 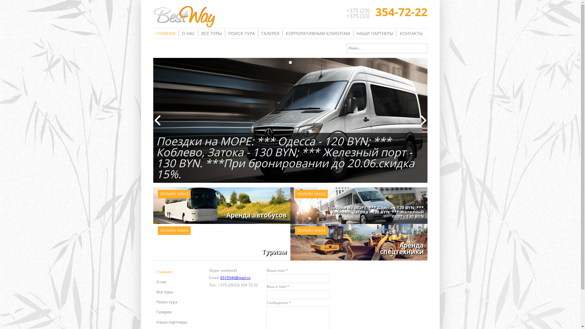 What do you see at coordinates (235, 278) in the screenshot?
I see `'6510540@mail.ru'` at bounding box center [235, 278].